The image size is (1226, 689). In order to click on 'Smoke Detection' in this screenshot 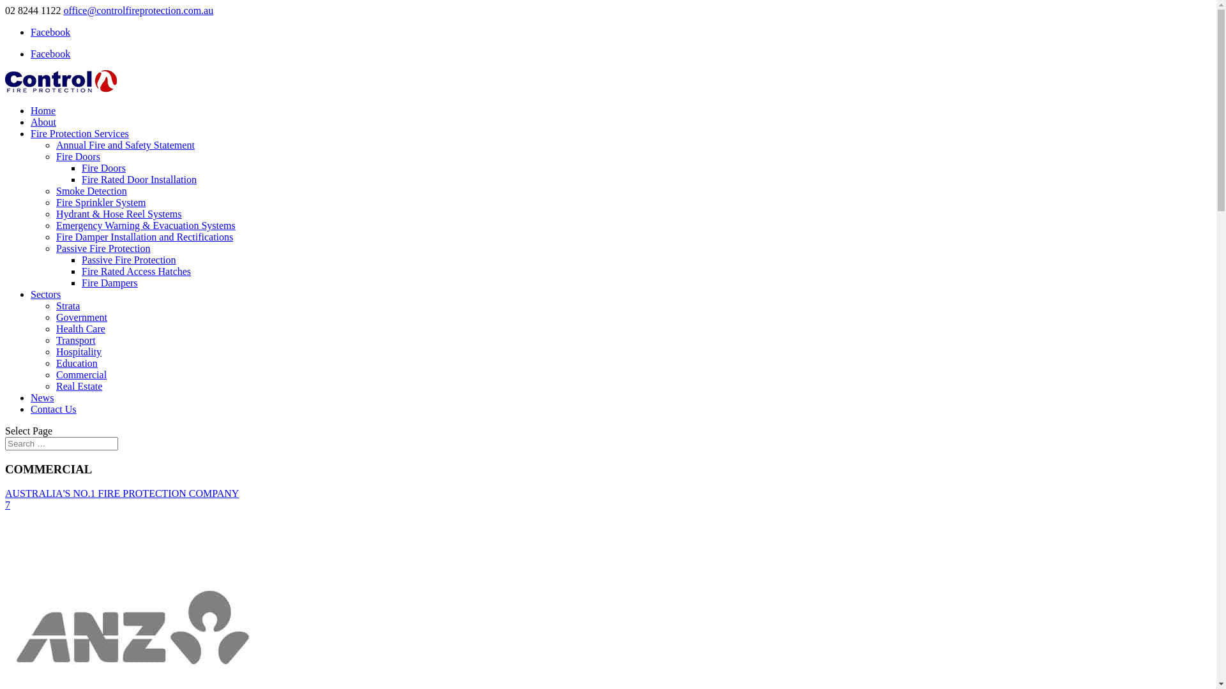, I will do `click(91, 191)`.